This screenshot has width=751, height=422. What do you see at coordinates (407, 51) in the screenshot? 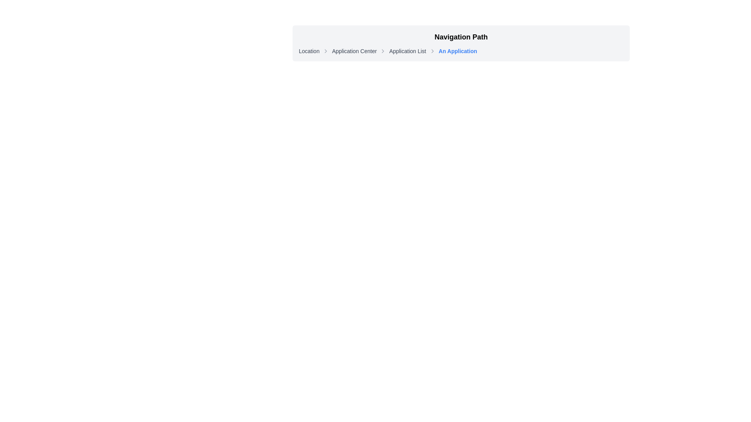
I see `the 'Application List' link, which is the third interactive text in the breadcrumb navigation` at bounding box center [407, 51].